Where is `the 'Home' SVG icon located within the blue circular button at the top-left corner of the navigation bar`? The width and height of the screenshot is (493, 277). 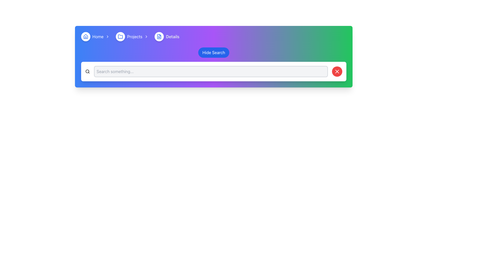 the 'Home' SVG icon located within the blue circular button at the top-left corner of the navigation bar is located at coordinates (86, 36).